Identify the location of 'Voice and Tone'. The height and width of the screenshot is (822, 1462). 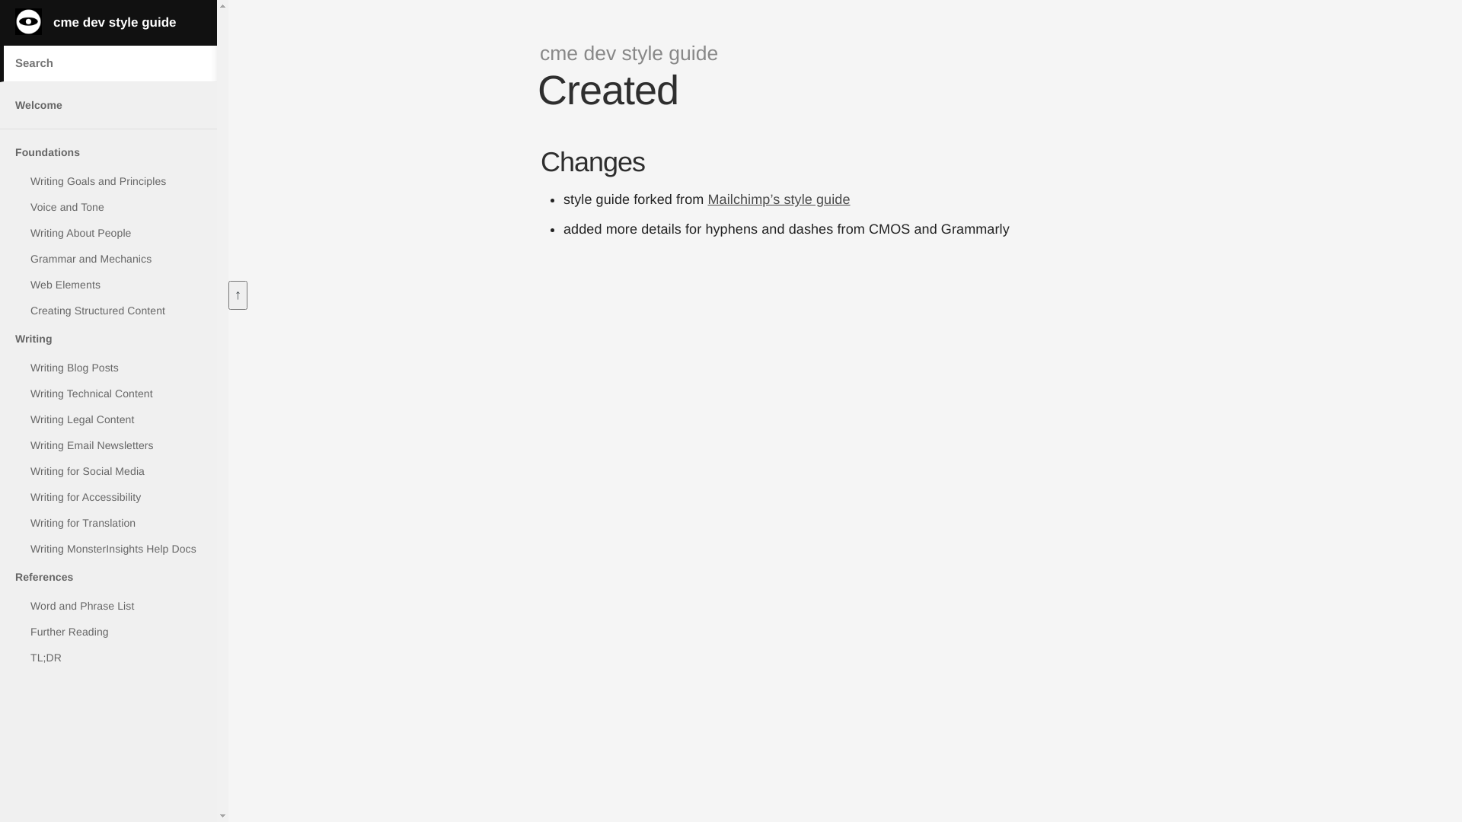
(107, 207).